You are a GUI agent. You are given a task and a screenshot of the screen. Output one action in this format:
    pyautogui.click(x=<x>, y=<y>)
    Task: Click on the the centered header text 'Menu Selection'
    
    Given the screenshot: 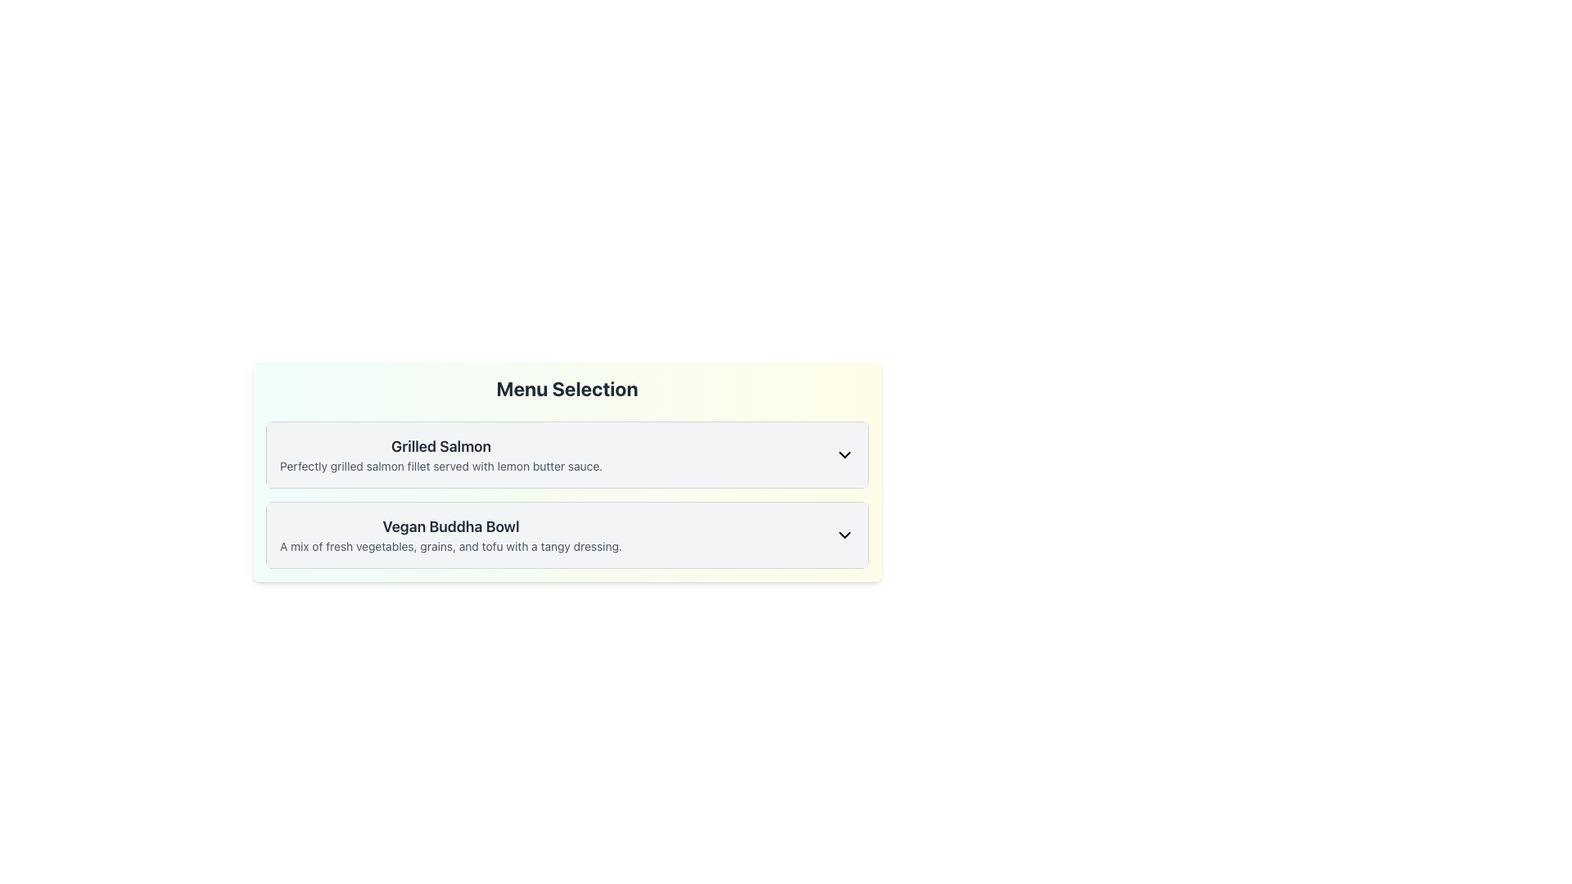 What is the action you would take?
    pyautogui.click(x=567, y=388)
    